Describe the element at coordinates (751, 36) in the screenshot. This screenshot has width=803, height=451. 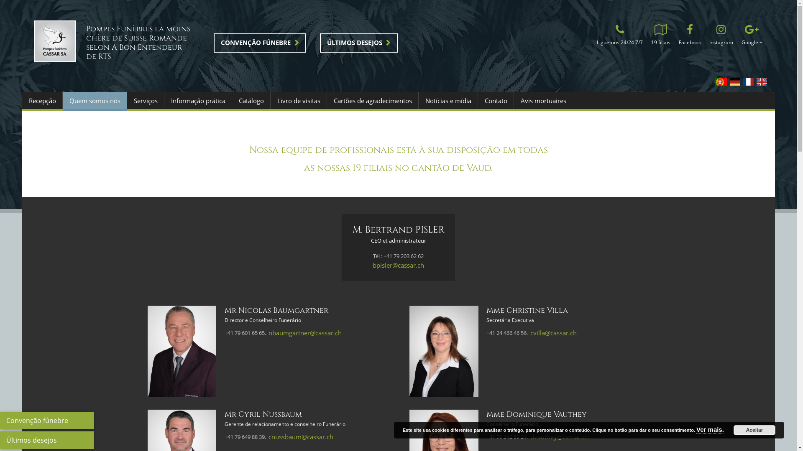
I see `'Google +'` at that location.